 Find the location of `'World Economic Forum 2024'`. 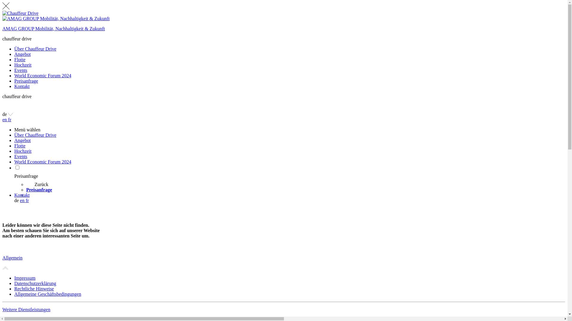

'World Economic Forum 2024' is located at coordinates (42, 75).